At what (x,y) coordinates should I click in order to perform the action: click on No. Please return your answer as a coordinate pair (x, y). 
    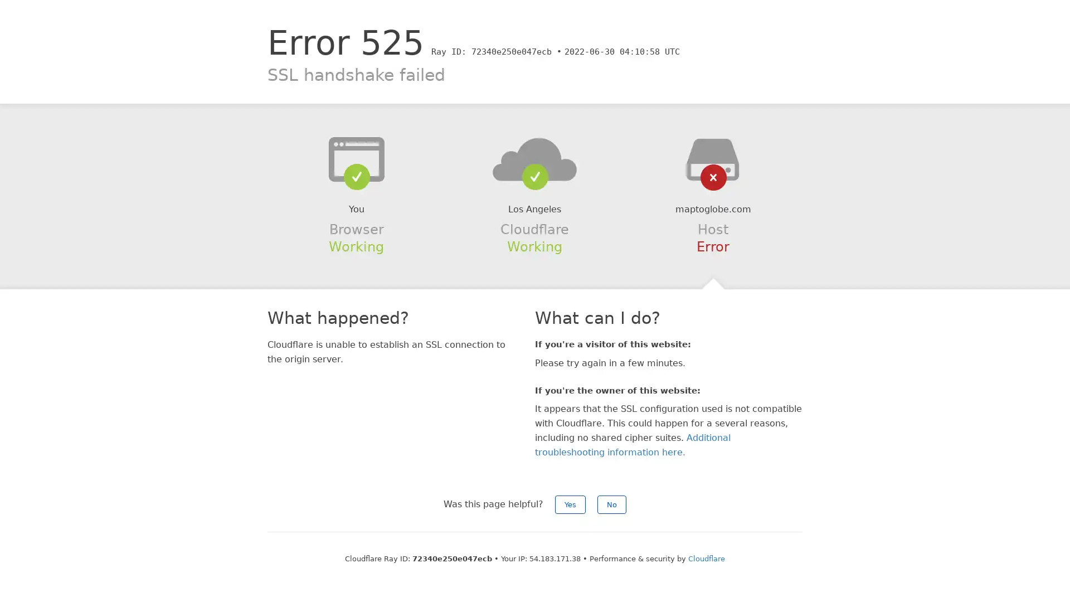
    Looking at the image, I should click on (611, 504).